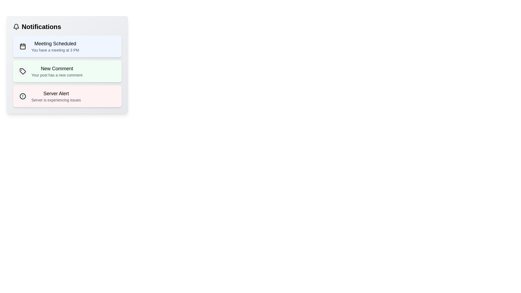 Image resolution: width=521 pixels, height=293 pixels. What do you see at coordinates (67, 27) in the screenshot?
I see `the Notifications header to interact with the component` at bounding box center [67, 27].